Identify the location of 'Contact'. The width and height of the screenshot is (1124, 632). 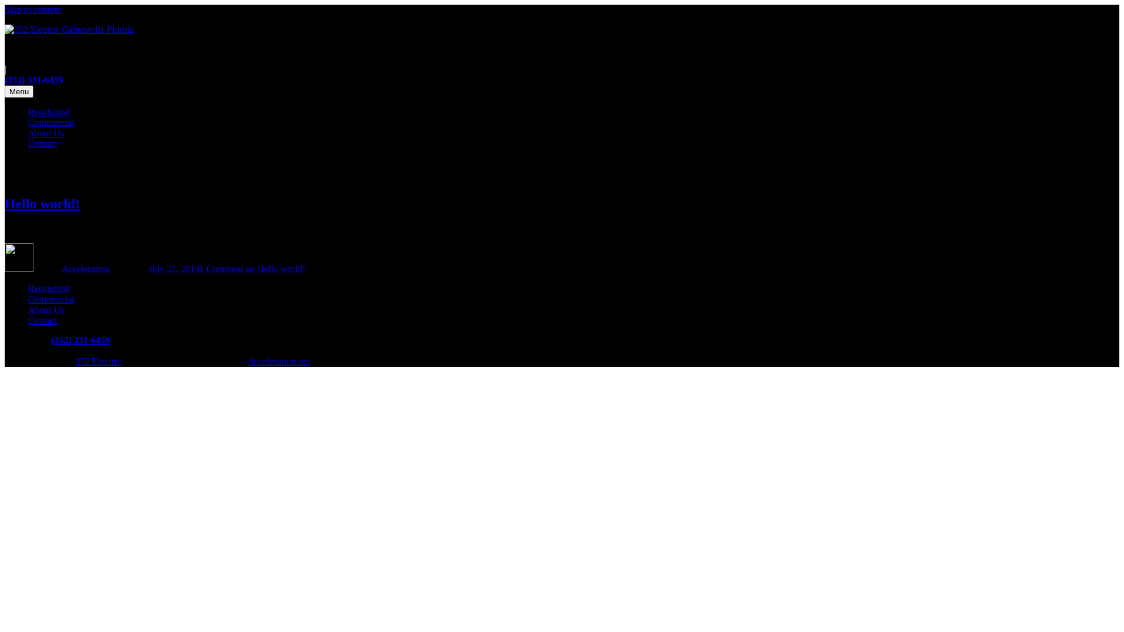
(42, 143).